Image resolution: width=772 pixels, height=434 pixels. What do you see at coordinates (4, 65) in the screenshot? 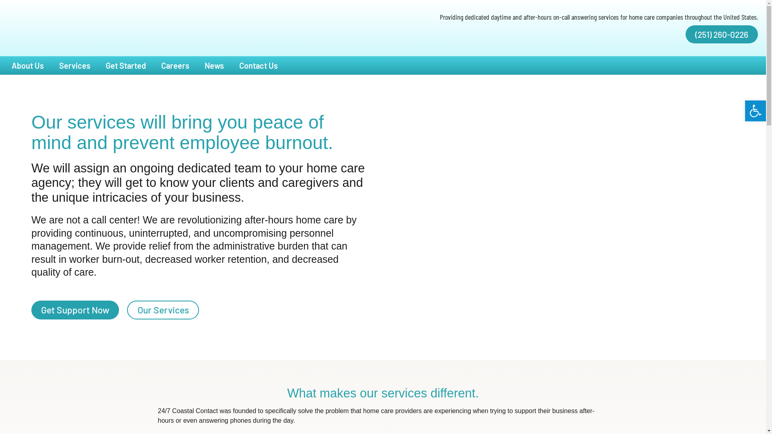
I see `'About Us'` at bounding box center [4, 65].